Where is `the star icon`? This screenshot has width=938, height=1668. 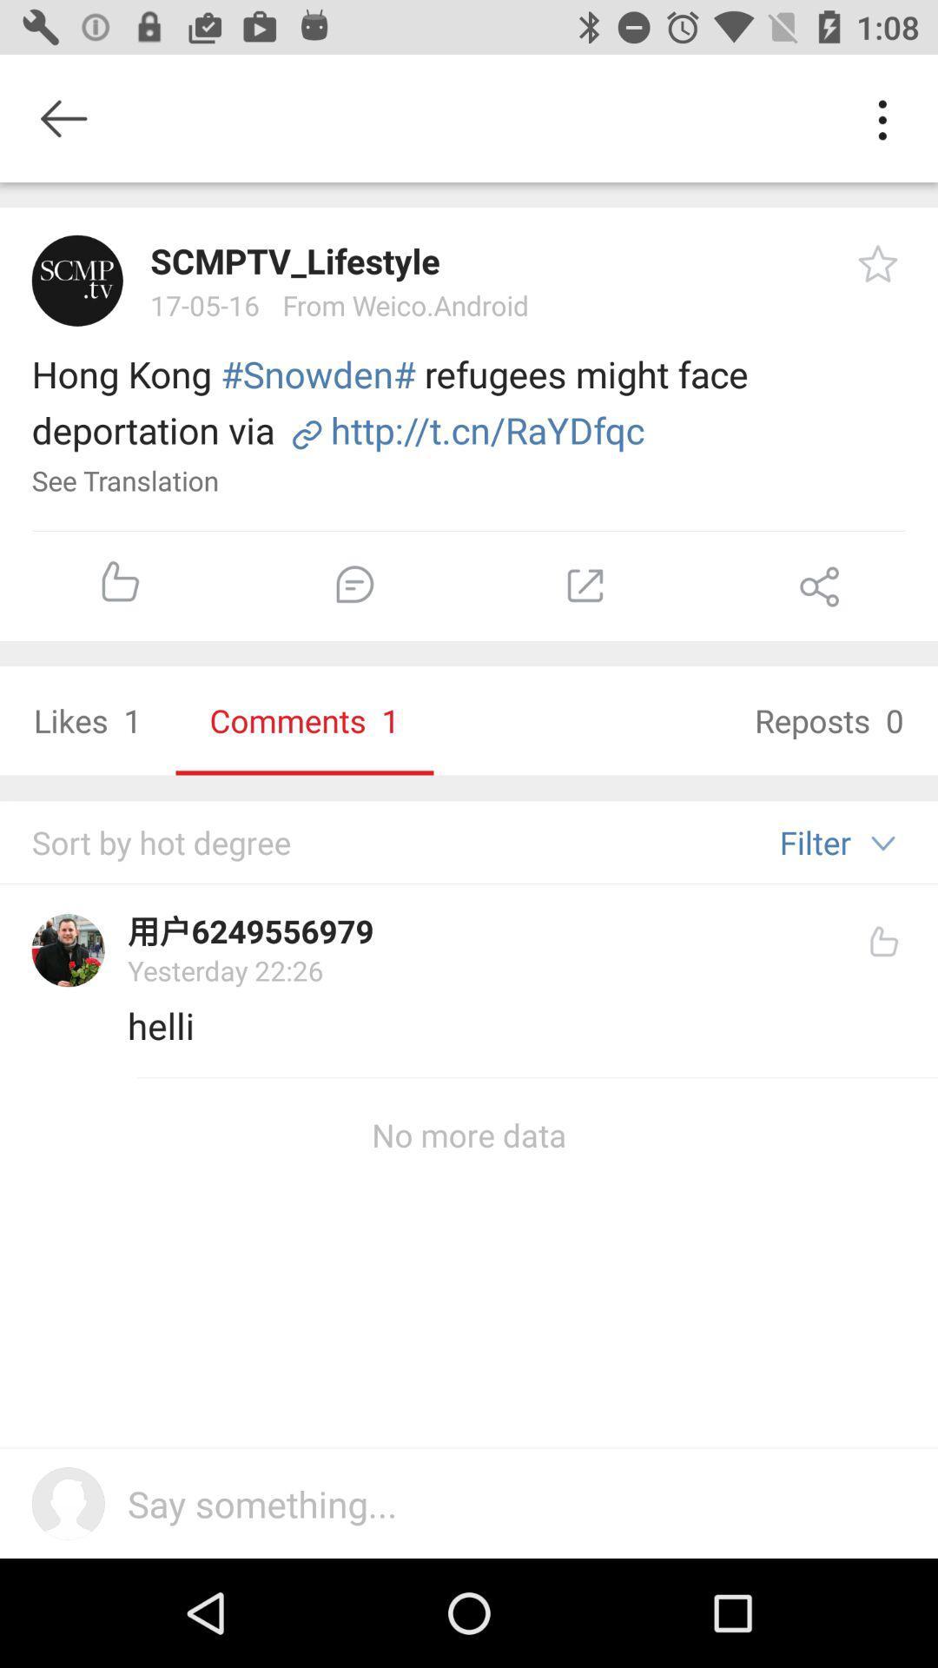
the star icon is located at coordinates (877, 261).